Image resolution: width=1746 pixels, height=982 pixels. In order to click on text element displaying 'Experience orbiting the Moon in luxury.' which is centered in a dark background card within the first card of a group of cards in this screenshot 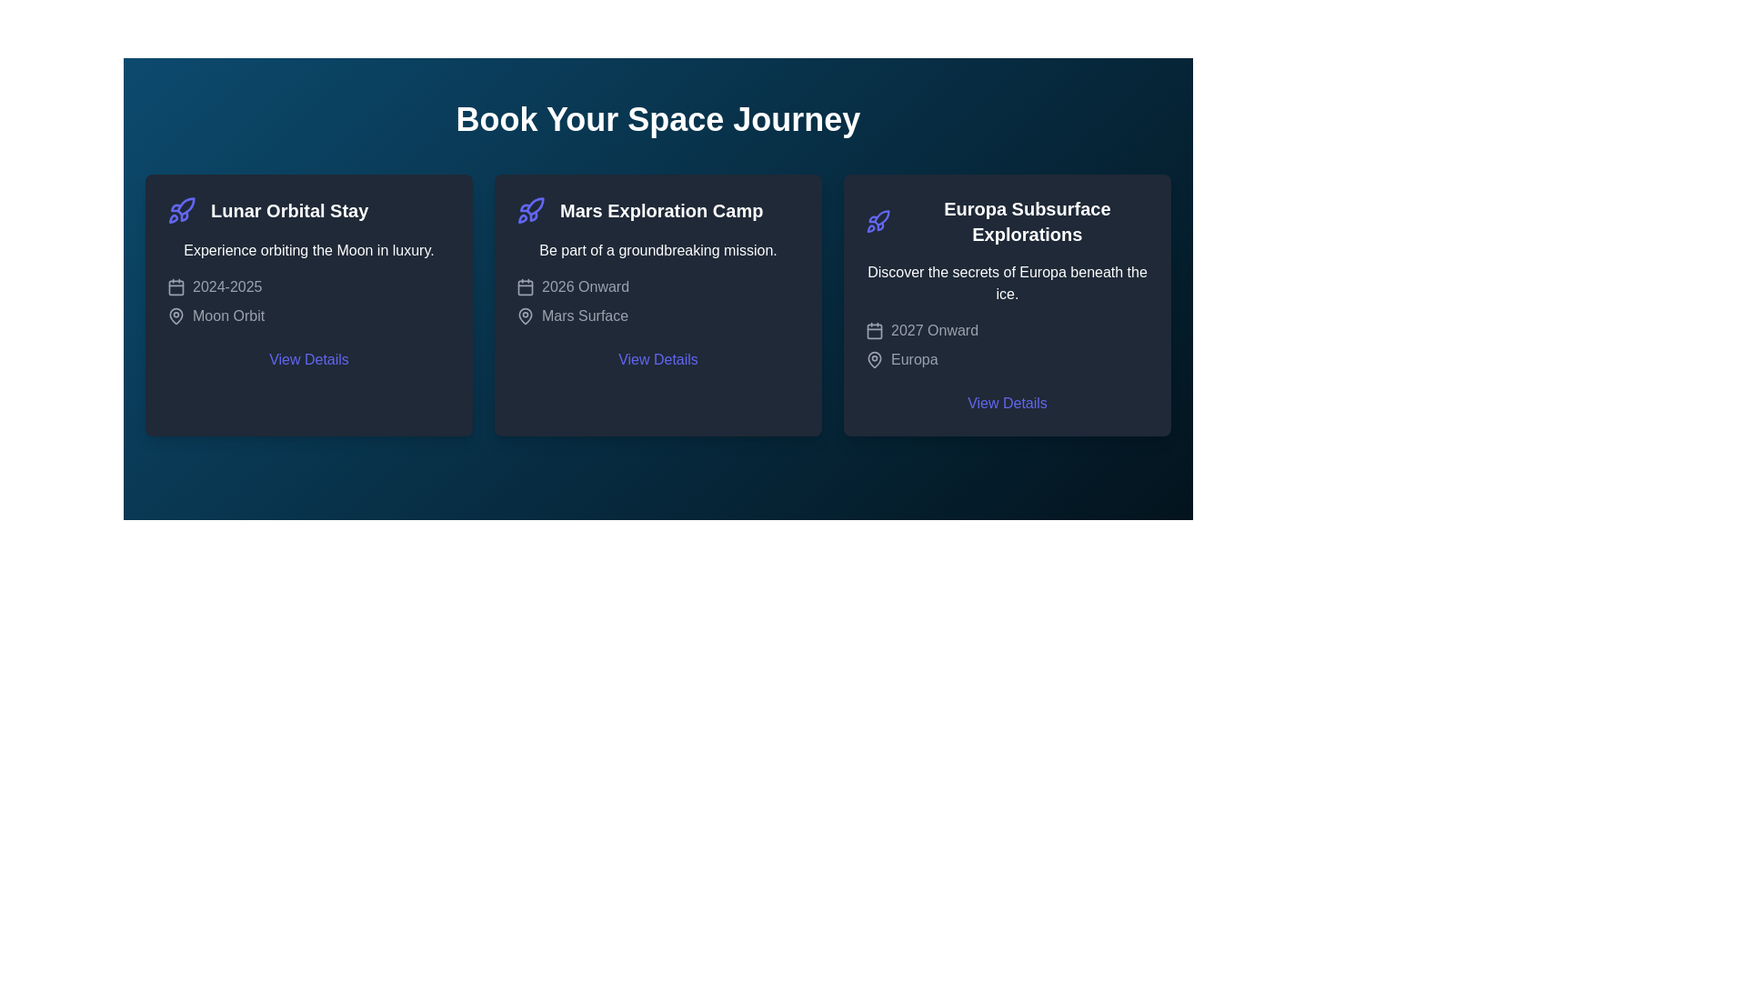, I will do `click(309, 251)`.